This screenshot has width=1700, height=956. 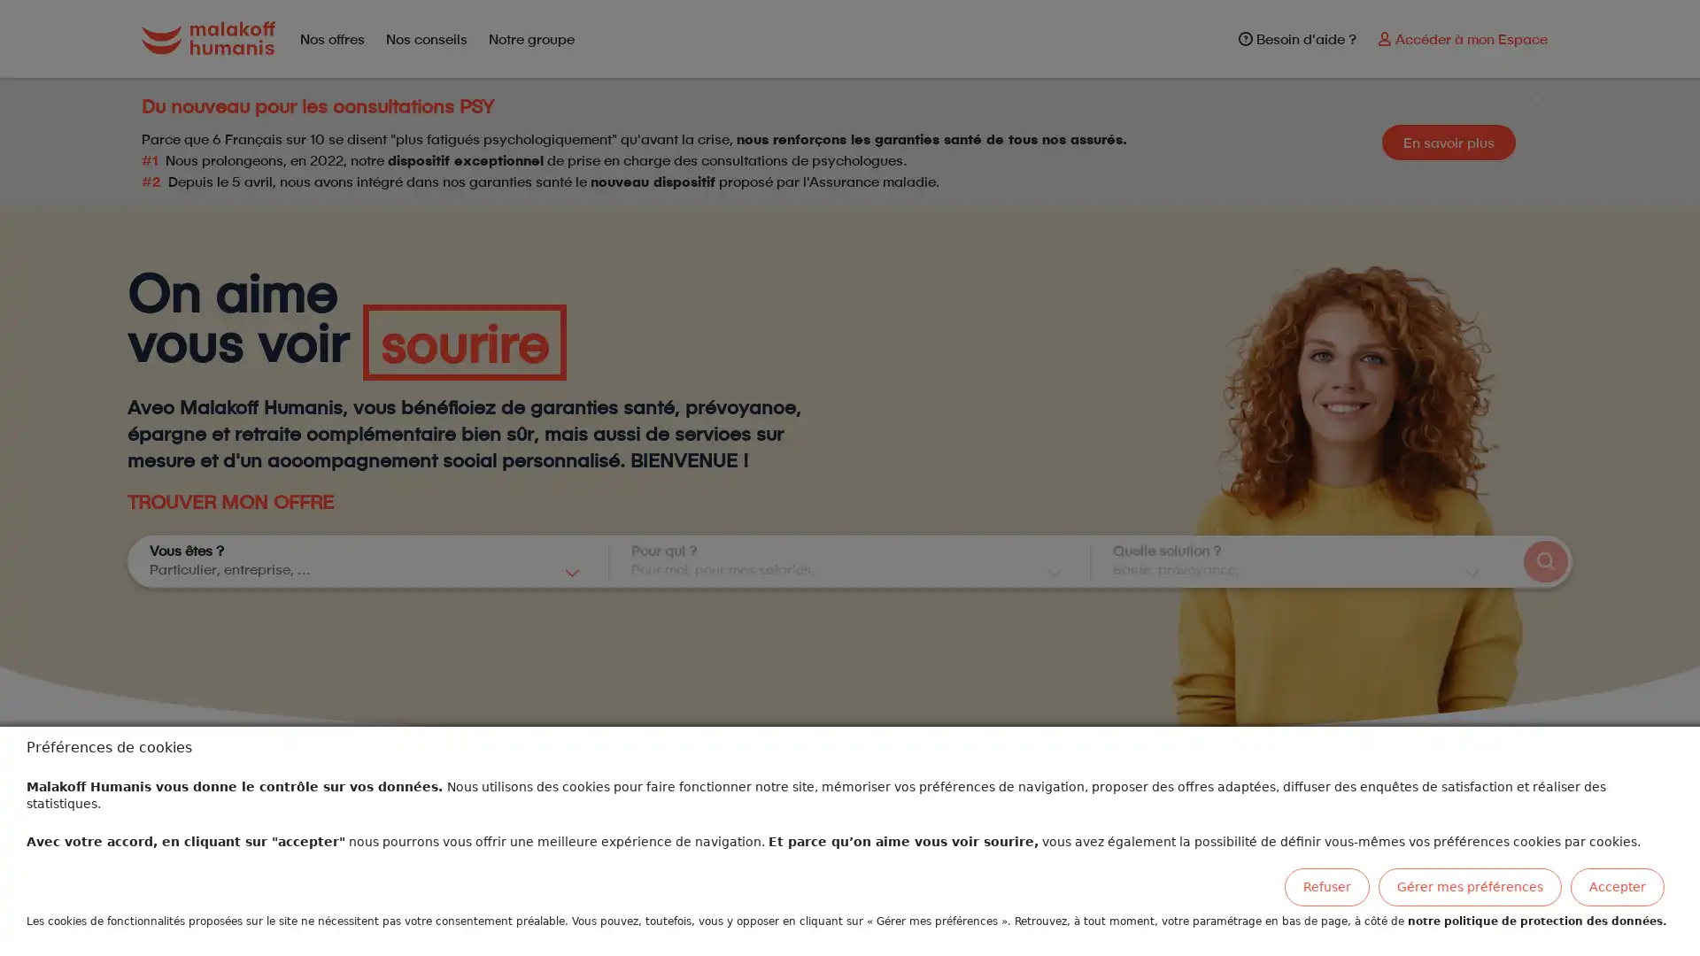 What do you see at coordinates (1618, 887) in the screenshot?
I see `Accepter` at bounding box center [1618, 887].